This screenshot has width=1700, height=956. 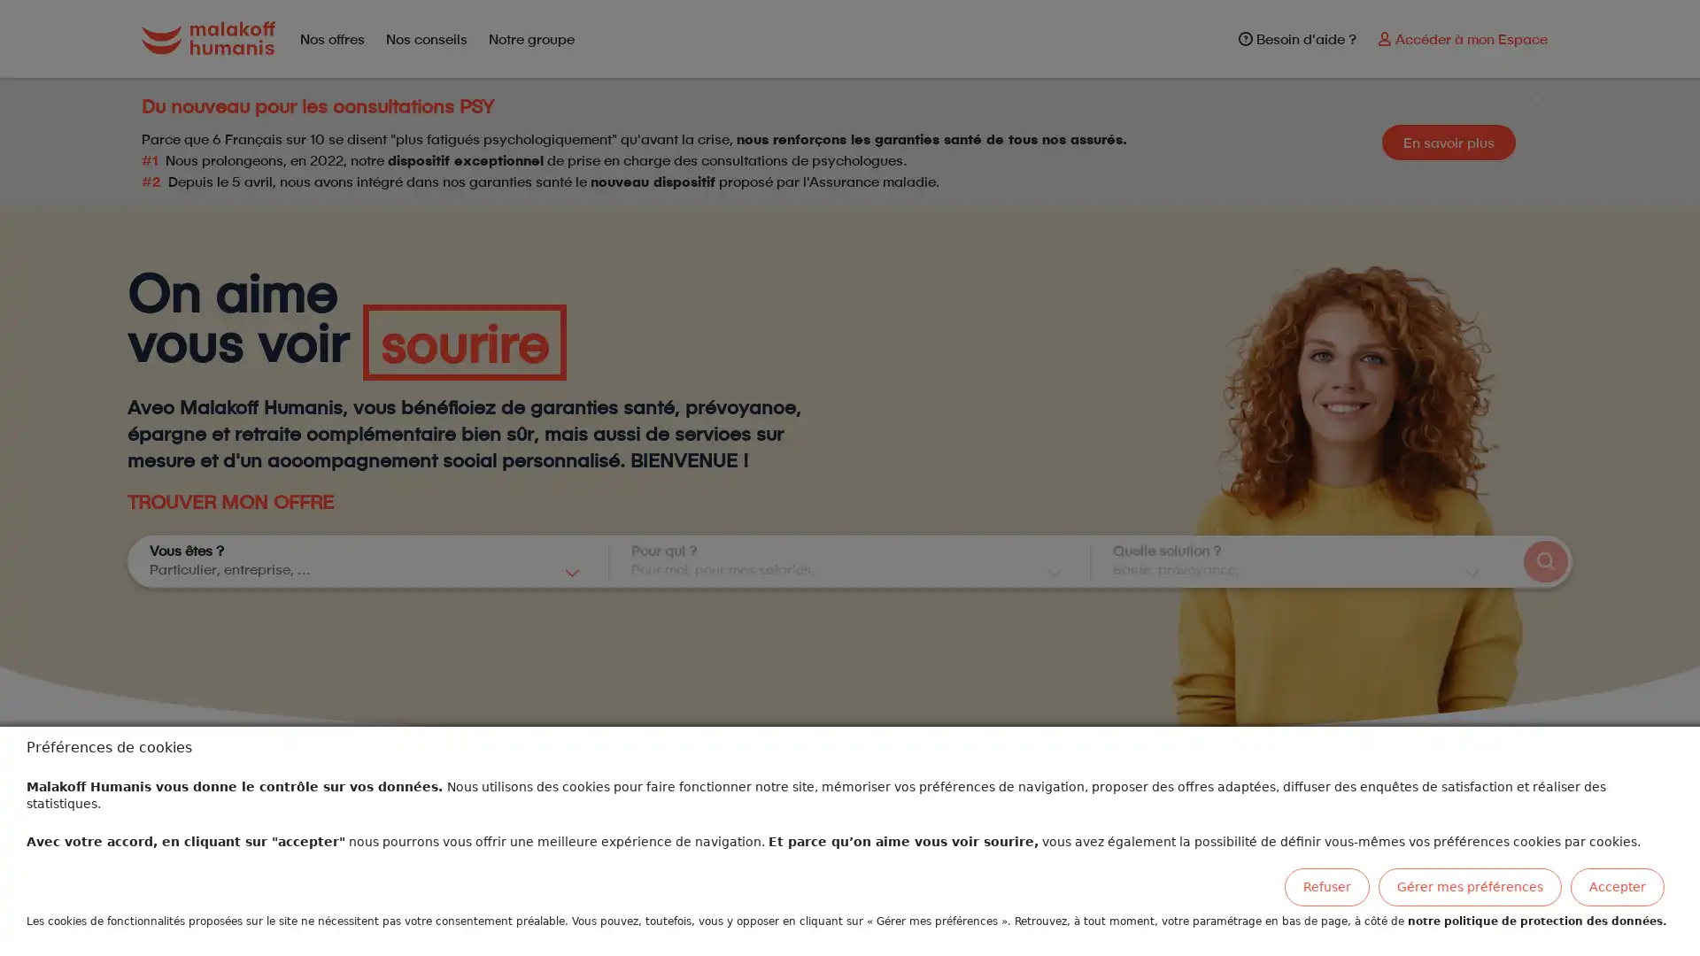 What do you see at coordinates (1618, 887) in the screenshot?
I see `Accepter` at bounding box center [1618, 887].